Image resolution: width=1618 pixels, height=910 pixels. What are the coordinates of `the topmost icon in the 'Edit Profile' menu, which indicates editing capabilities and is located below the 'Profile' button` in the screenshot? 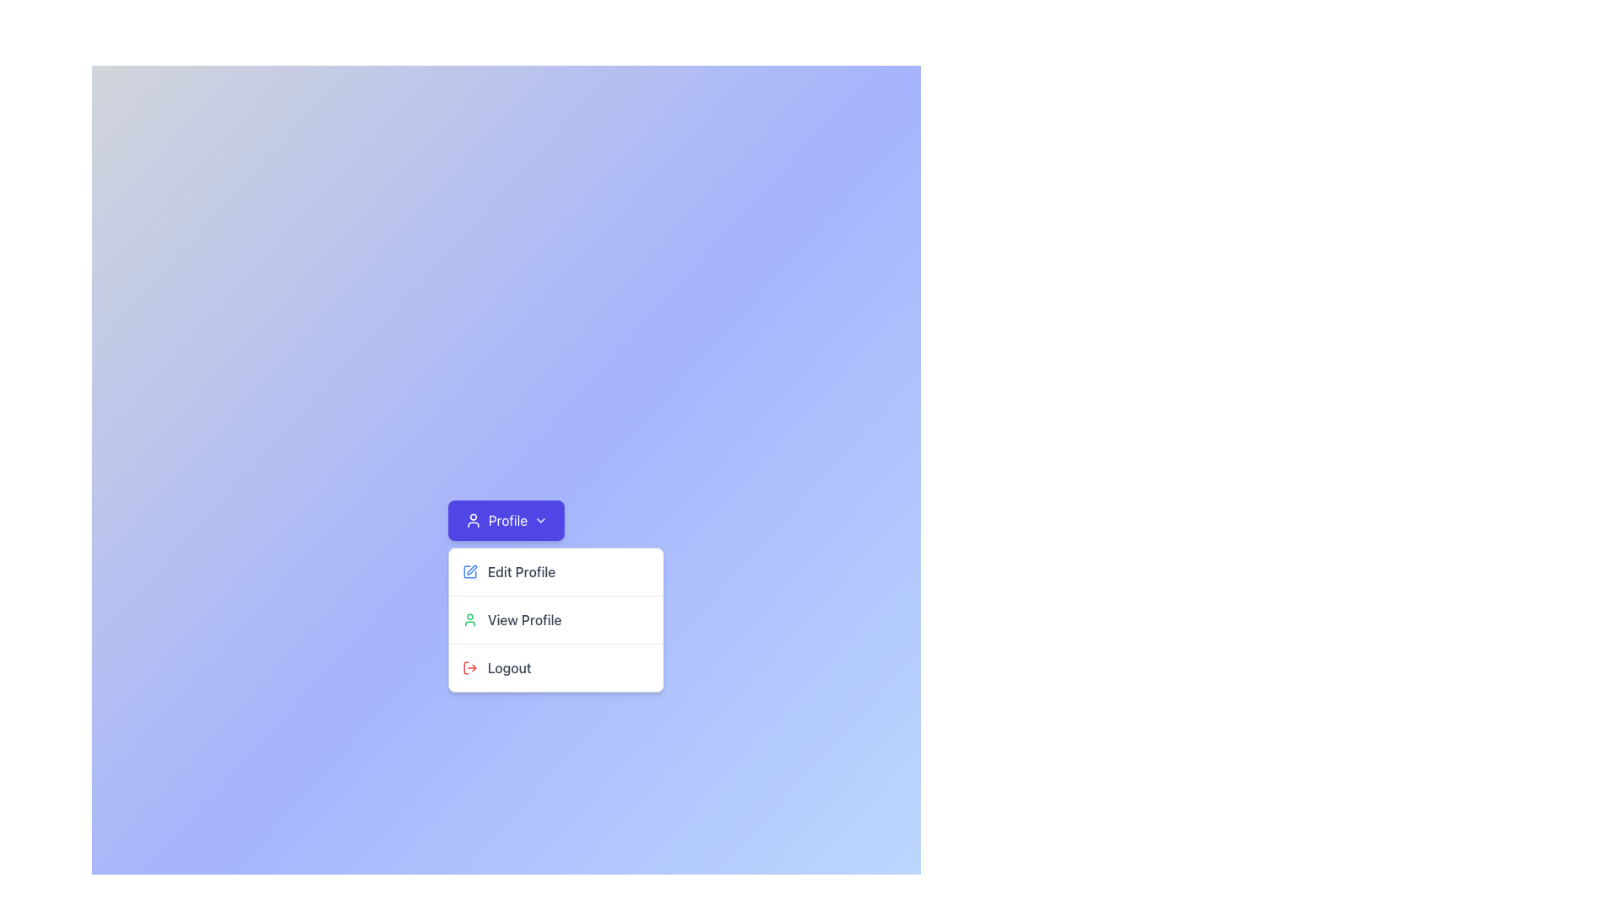 It's located at (469, 570).